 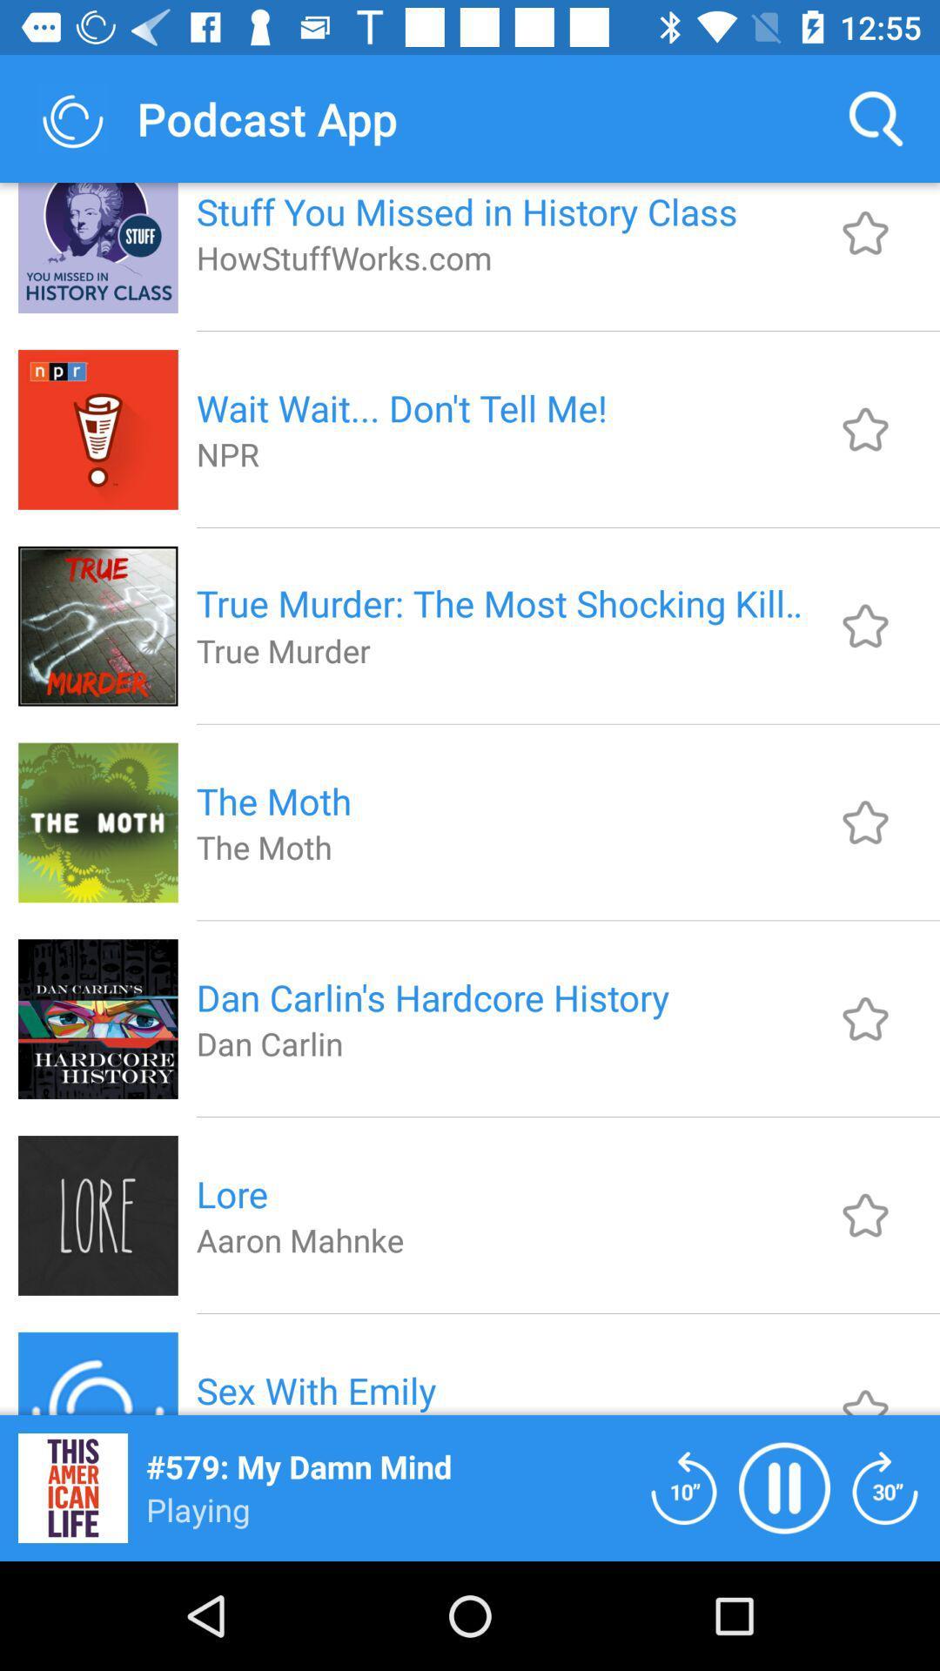 What do you see at coordinates (865, 626) in the screenshot?
I see `to favorites` at bounding box center [865, 626].